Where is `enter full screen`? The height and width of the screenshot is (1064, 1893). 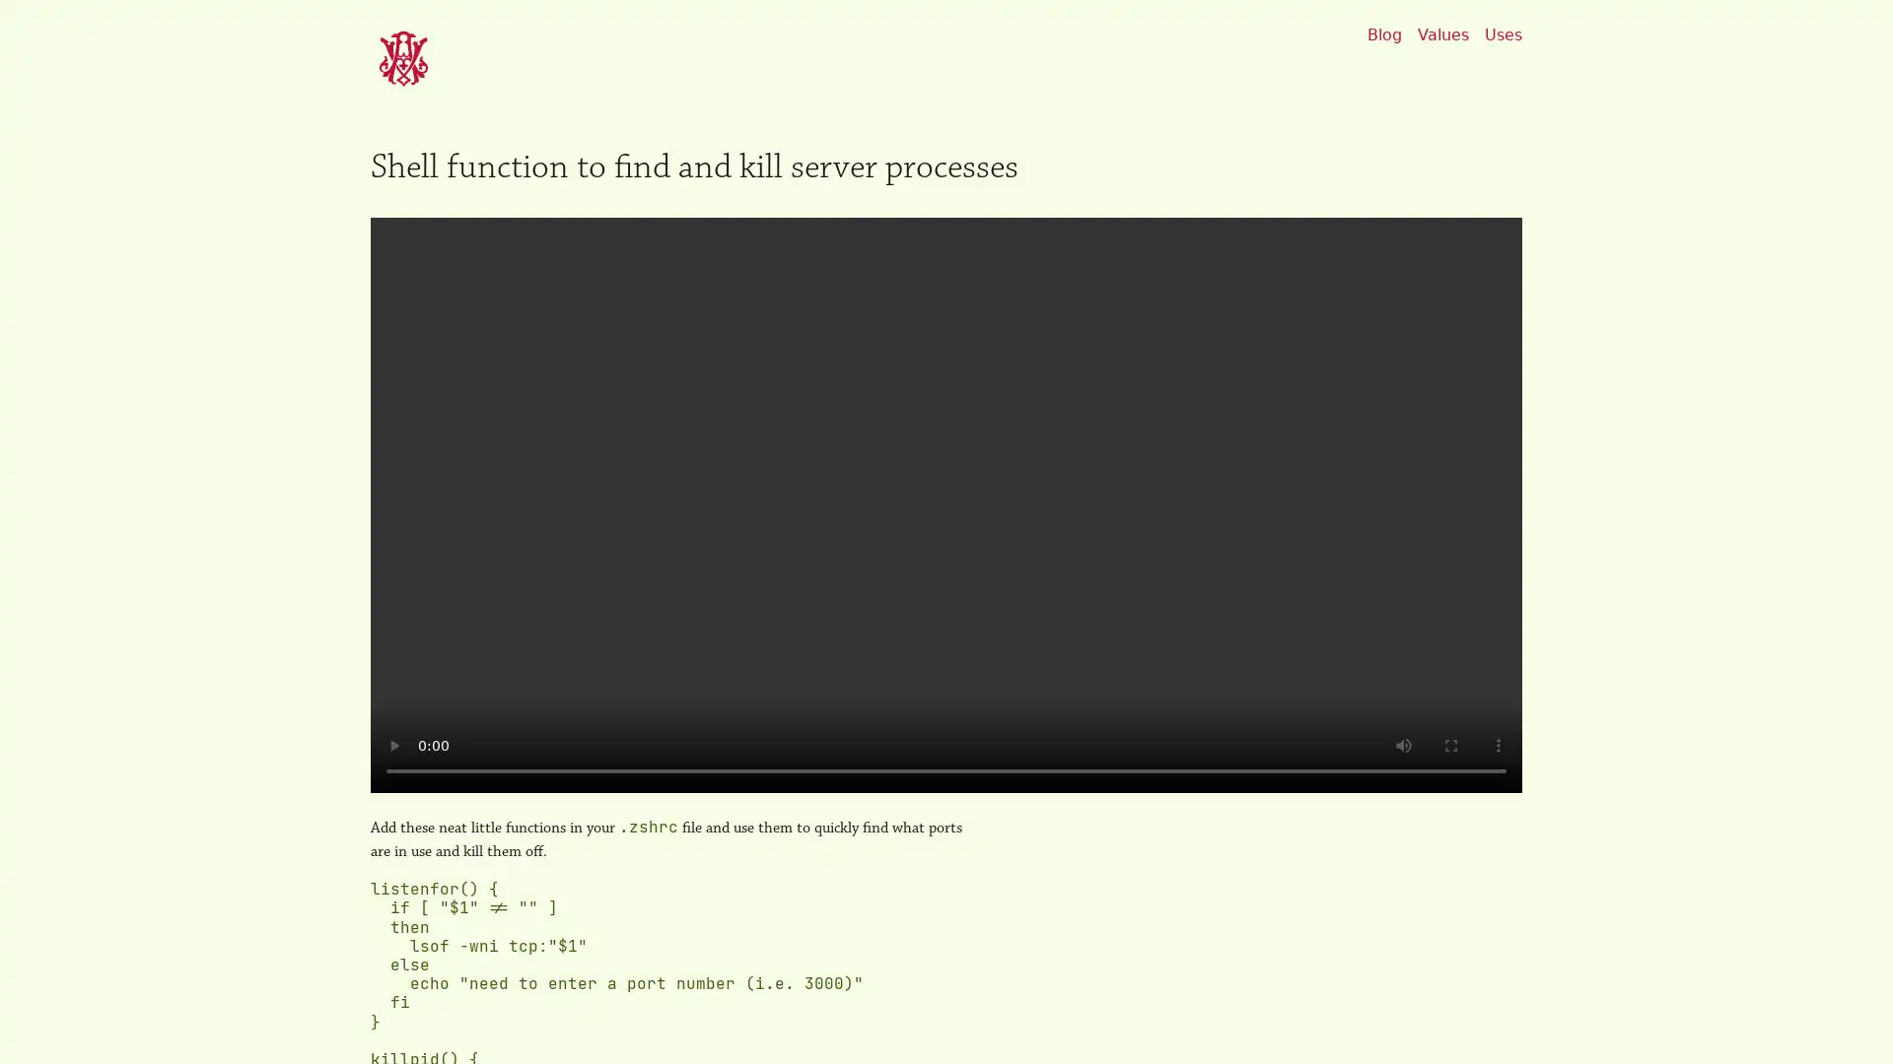 enter full screen is located at coordinates (1451, 745).